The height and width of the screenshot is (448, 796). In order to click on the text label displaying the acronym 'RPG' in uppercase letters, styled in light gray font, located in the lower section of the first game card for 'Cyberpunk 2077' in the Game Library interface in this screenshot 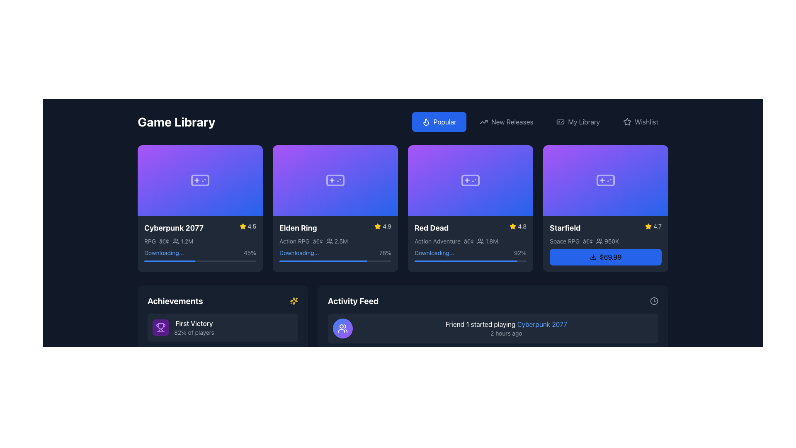, I will do `click(150, 241)`.